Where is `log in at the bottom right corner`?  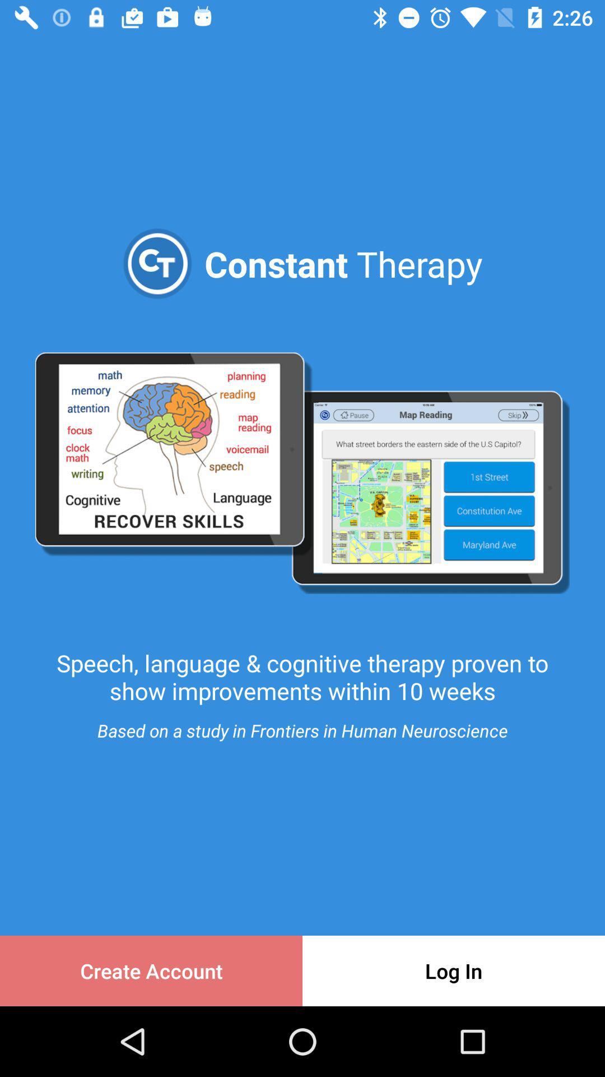 log in at the bottom right corner is located at coordinates (454, 970).